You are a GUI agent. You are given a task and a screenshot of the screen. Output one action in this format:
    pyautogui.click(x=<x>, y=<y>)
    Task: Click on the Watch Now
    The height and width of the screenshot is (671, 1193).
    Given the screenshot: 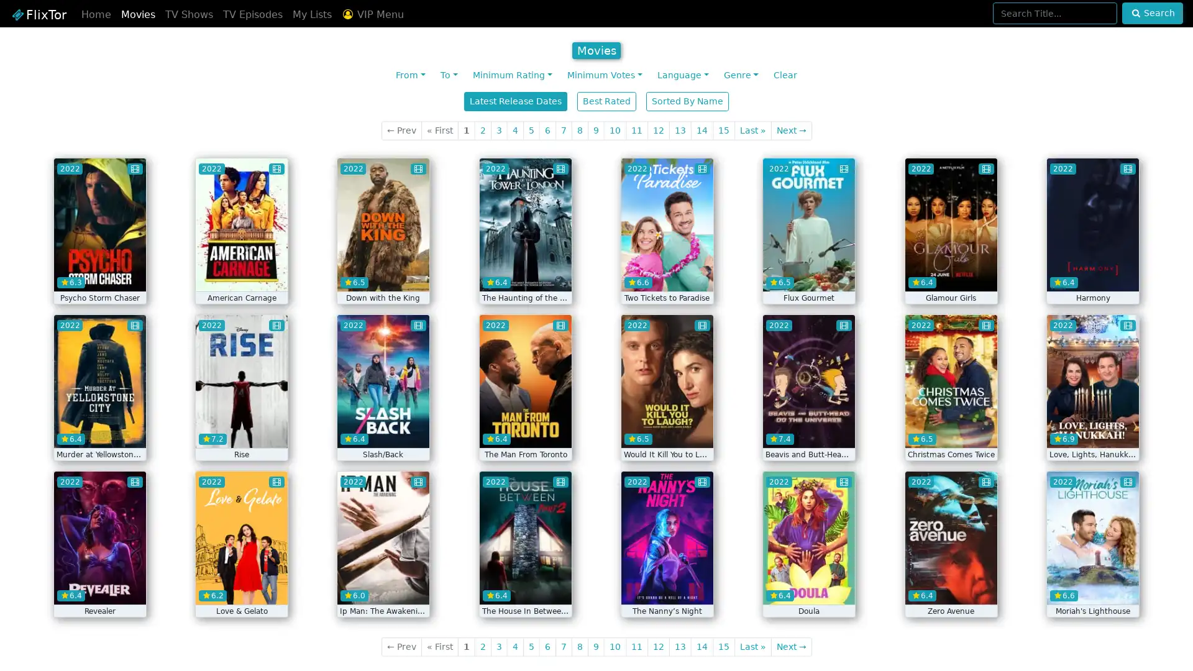 What is the action you would take?
    pyautogui.click(x=808, y=587)
    